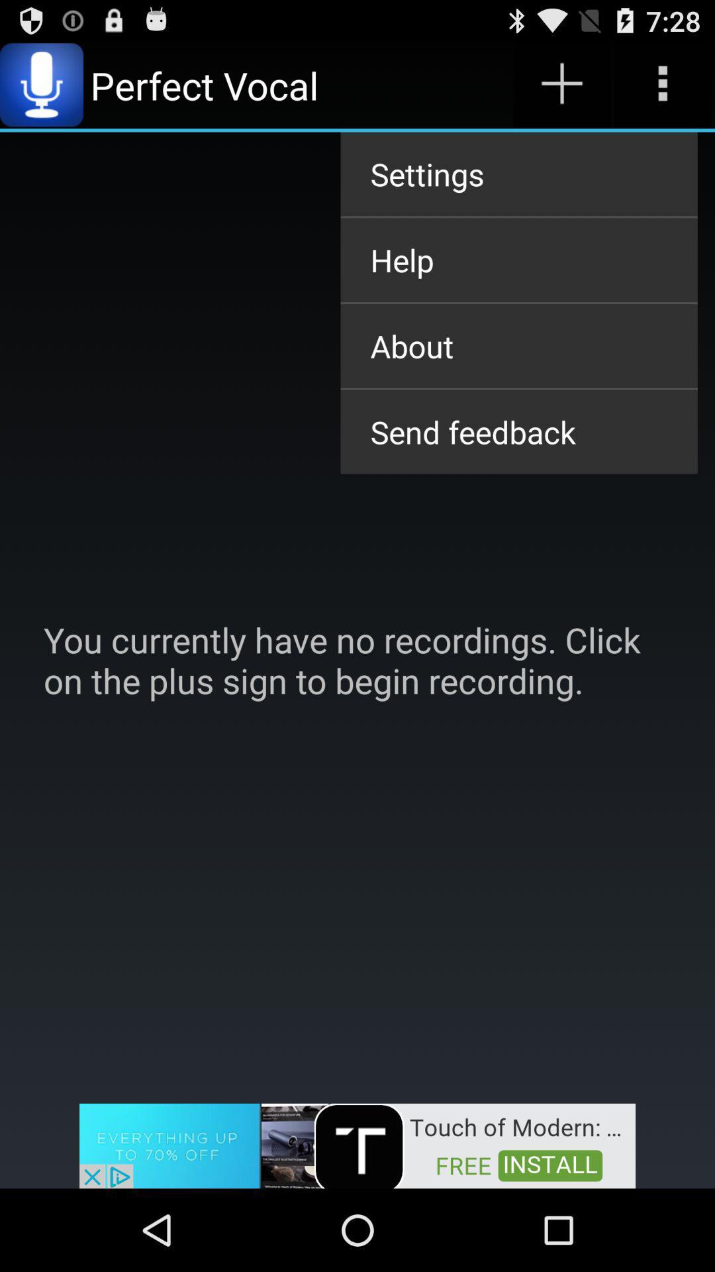 Image resolution: width=715 pixels, height=1272 pixels. What do you see at coordinates (663, 90) in the screenshot?
I see `the more icon` at bounding box center [663, 90].